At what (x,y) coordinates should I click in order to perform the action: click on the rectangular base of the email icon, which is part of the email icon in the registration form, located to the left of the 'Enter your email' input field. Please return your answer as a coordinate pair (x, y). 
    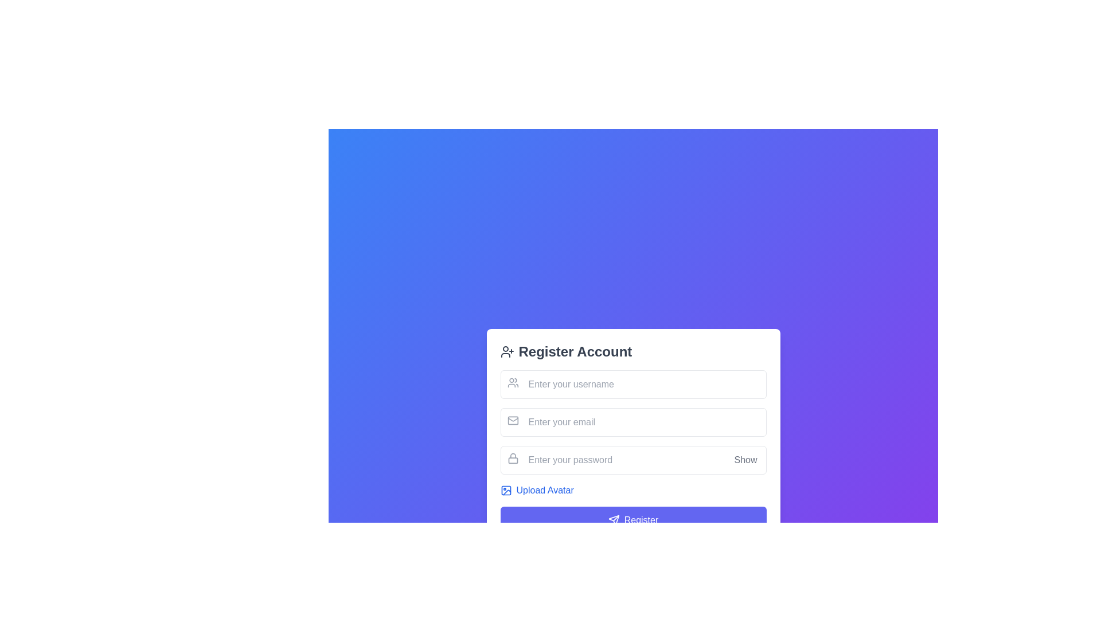
    Looking at the image, I should click on (512, 420).